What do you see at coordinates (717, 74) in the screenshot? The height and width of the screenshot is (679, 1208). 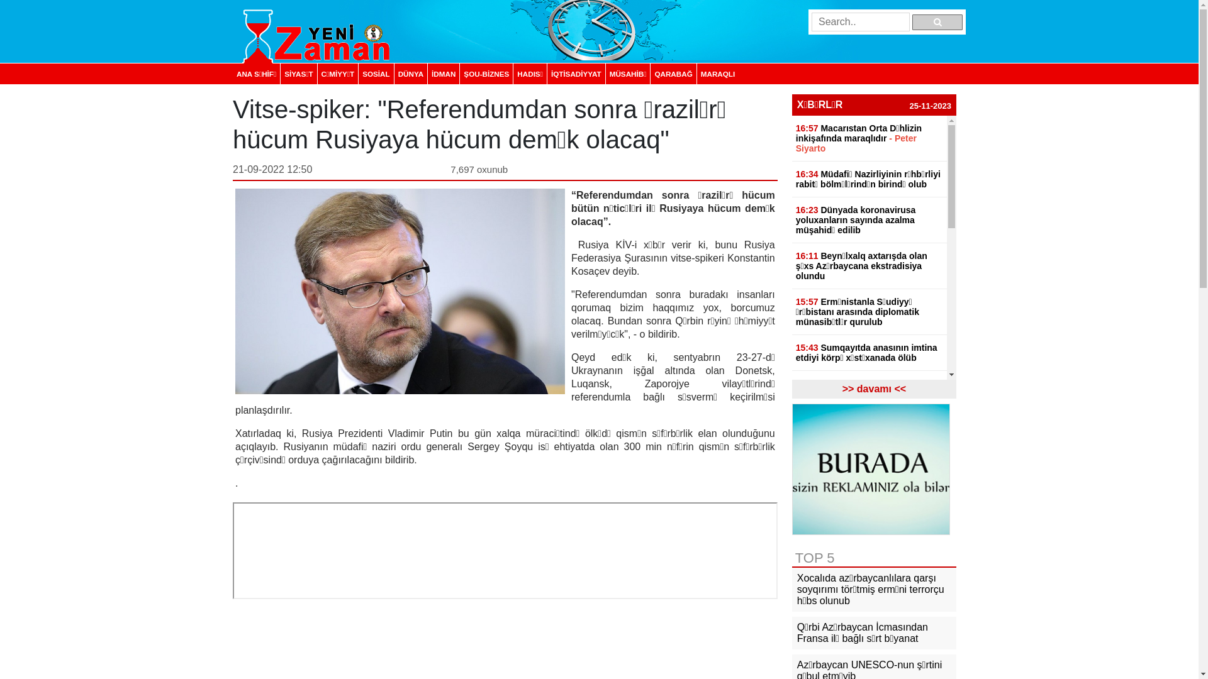 I see `'MARAQLI'` at bounding box center [717, 74].